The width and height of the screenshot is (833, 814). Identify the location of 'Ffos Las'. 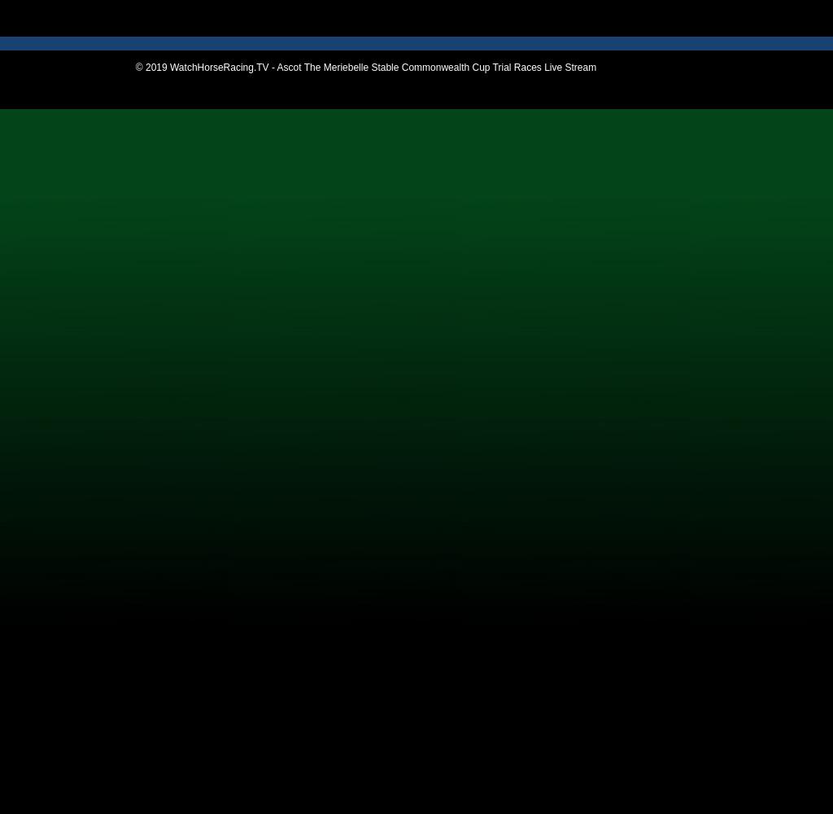
(43, 211).